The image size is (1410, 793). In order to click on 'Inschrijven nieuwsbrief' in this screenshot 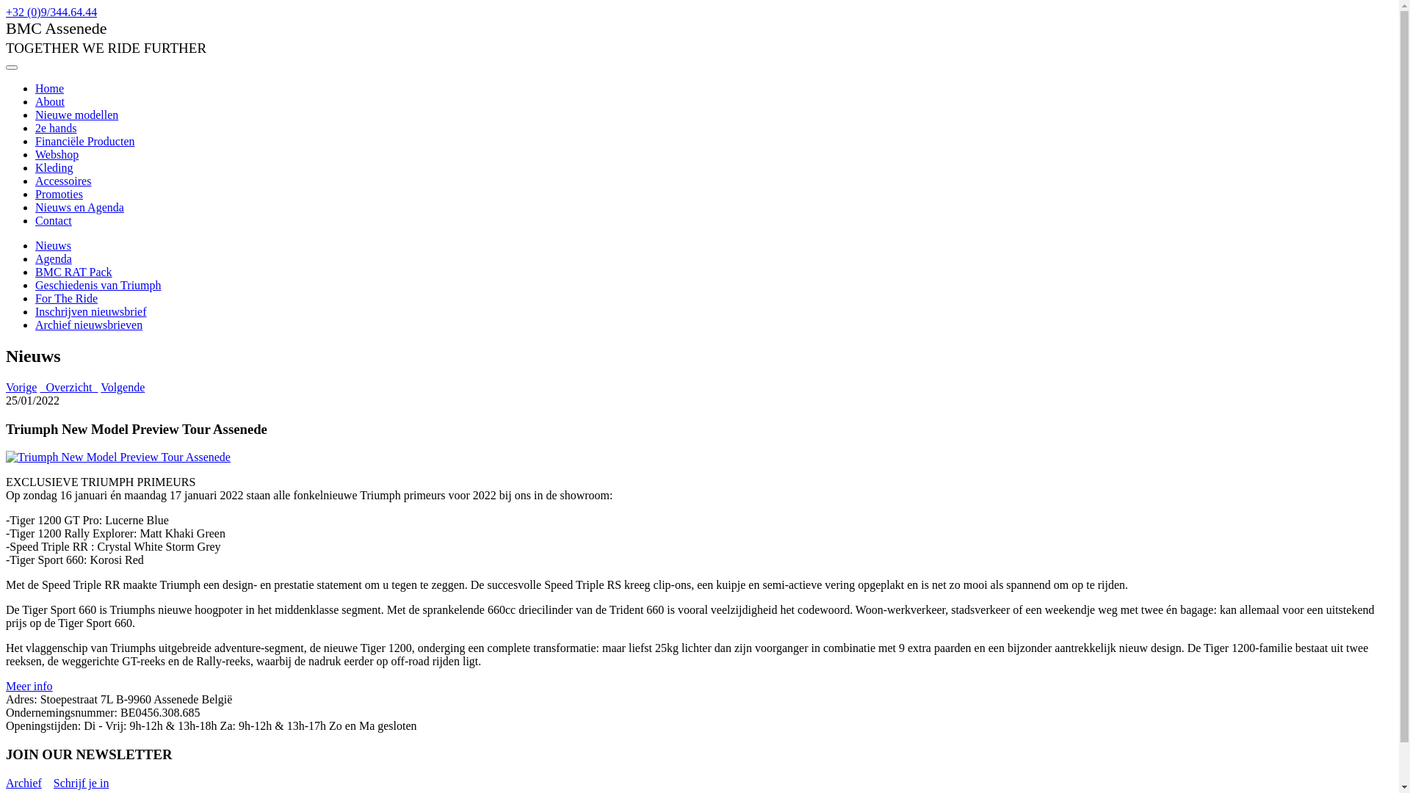, I will do `click(90, 311)`.